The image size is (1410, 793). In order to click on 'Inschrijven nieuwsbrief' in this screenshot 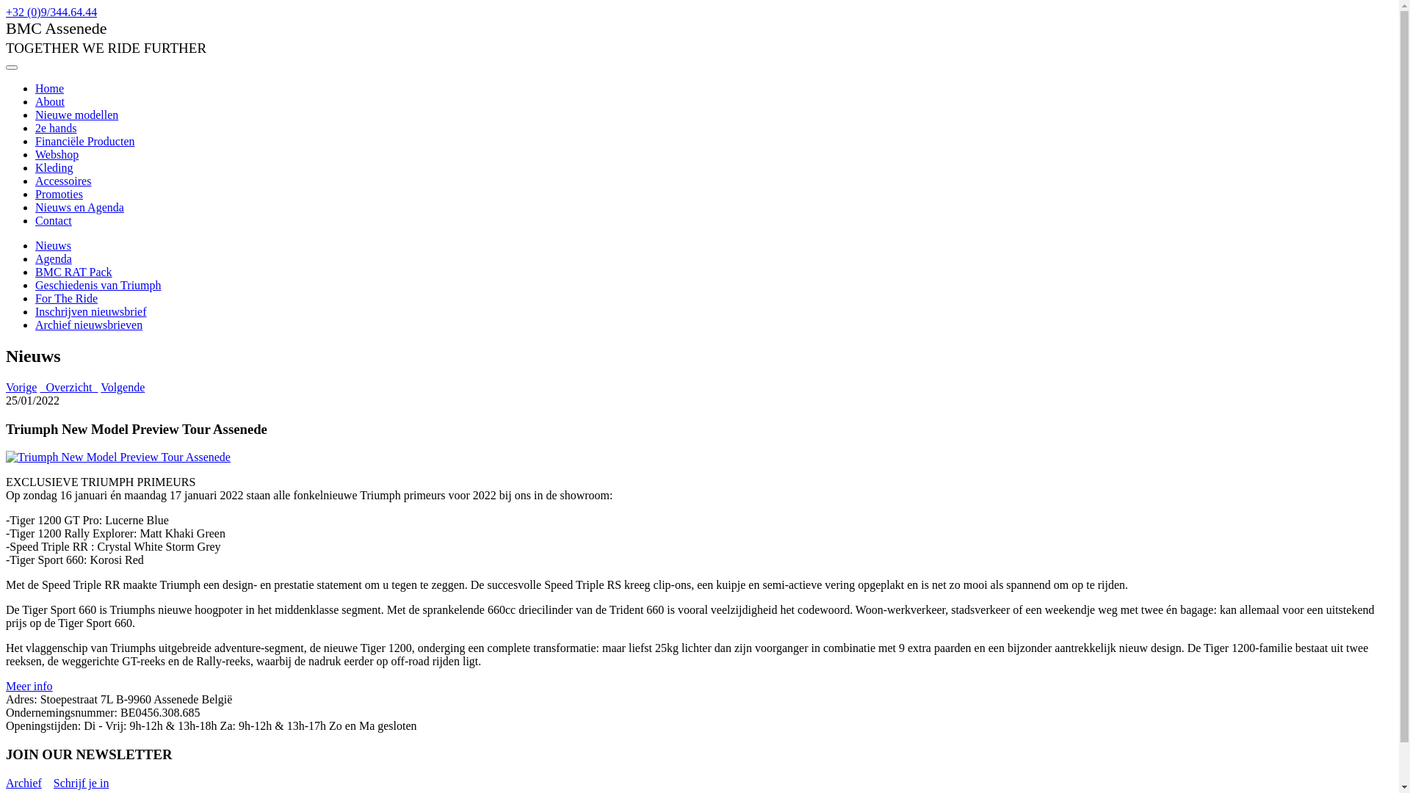, I will do `click(90, 311)`.